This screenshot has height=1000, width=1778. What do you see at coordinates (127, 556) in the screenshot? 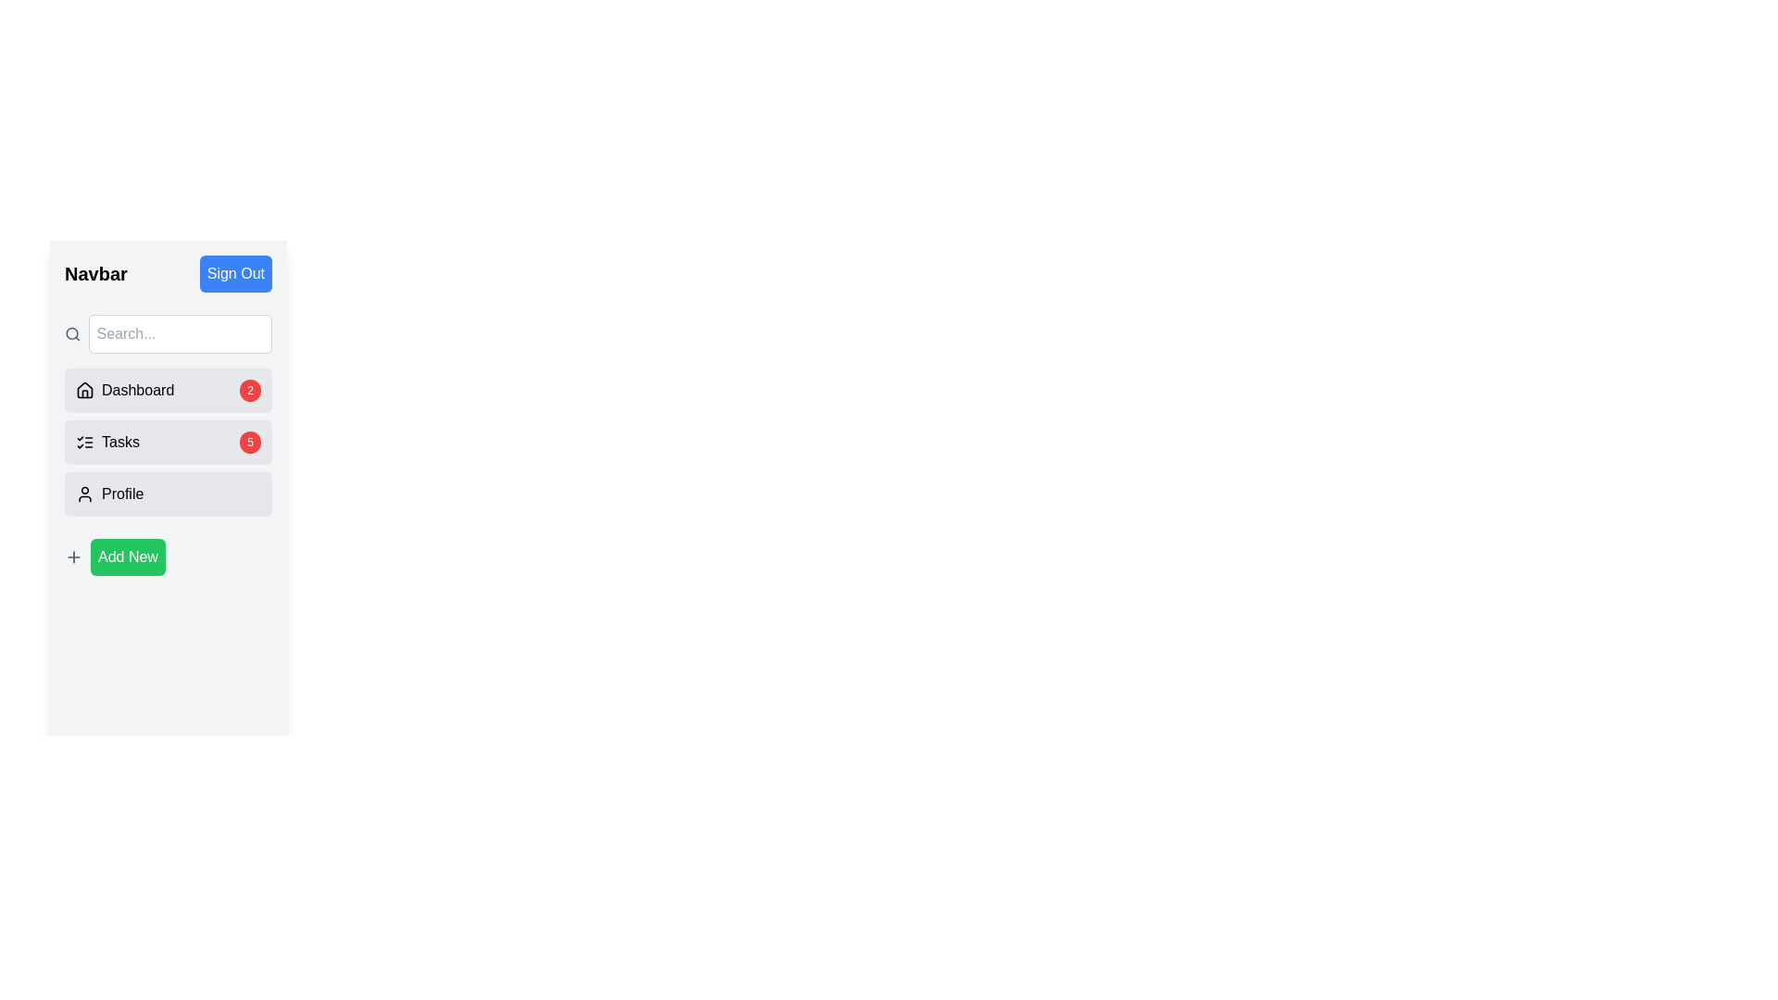
I see `the green 'Add New' button with rounded corners located at the bottom of the vertical menu bar on the left side of the interface` at bounding box center [127, 556].